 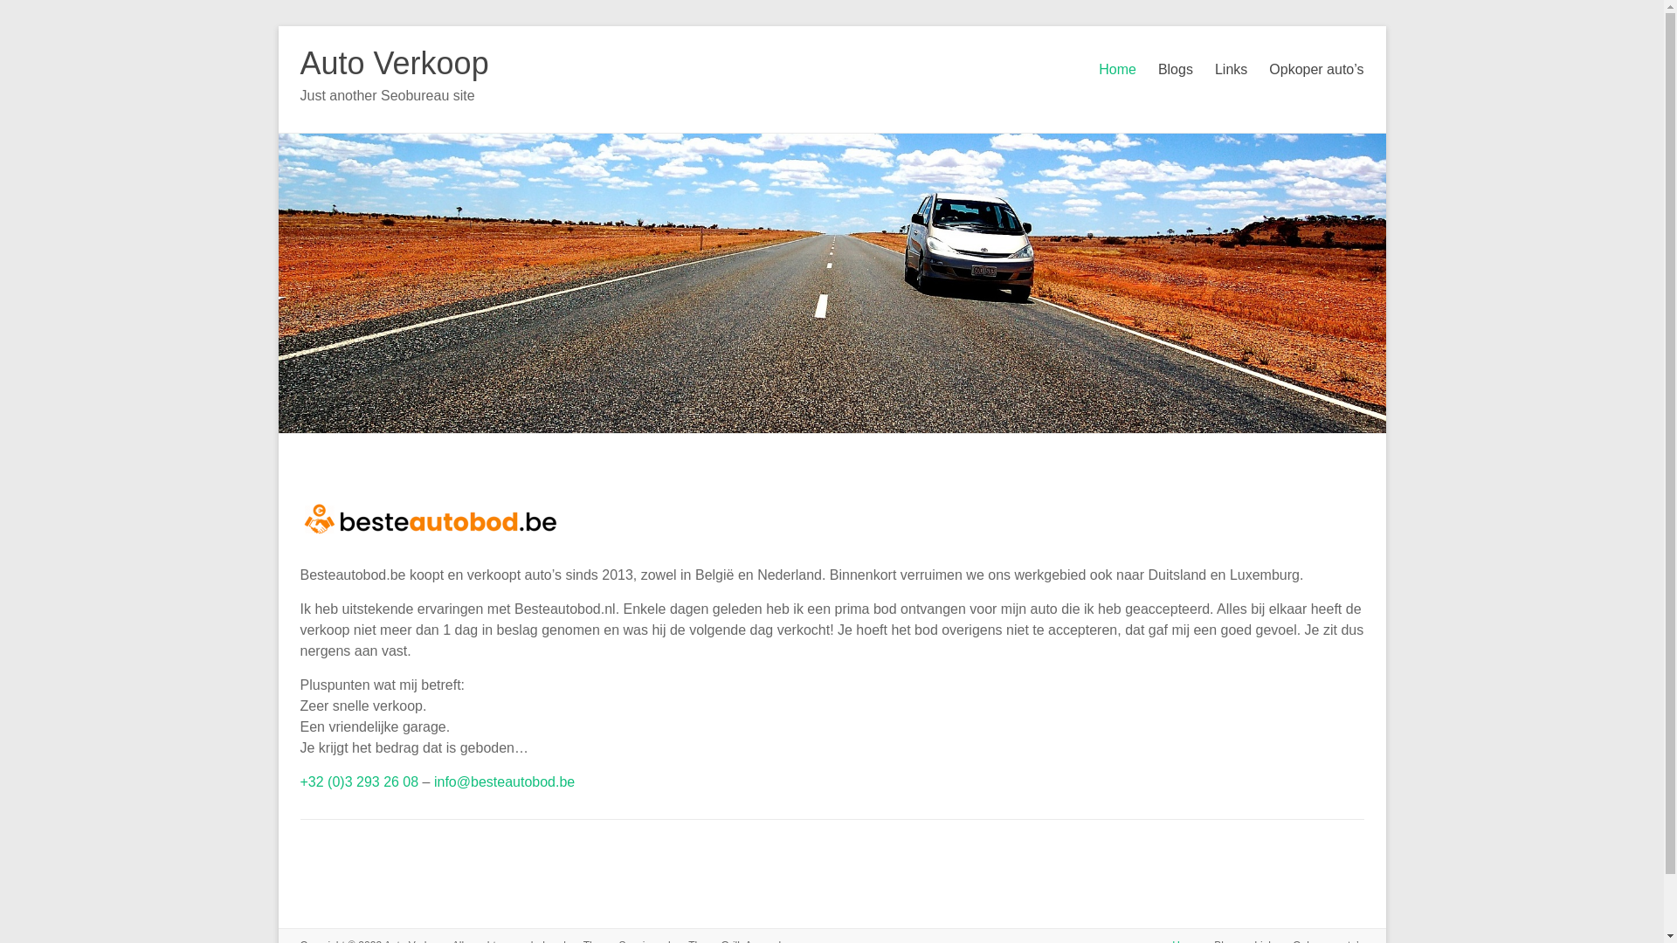 What do you see at coordinates (1175, 69) in the screenshot?
I see `'Blogs'` at bounding box center [1175, 69].